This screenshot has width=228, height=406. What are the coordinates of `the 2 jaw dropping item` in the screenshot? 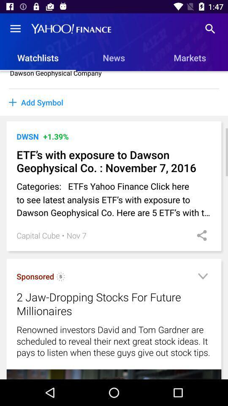 It's located at (103, 304).